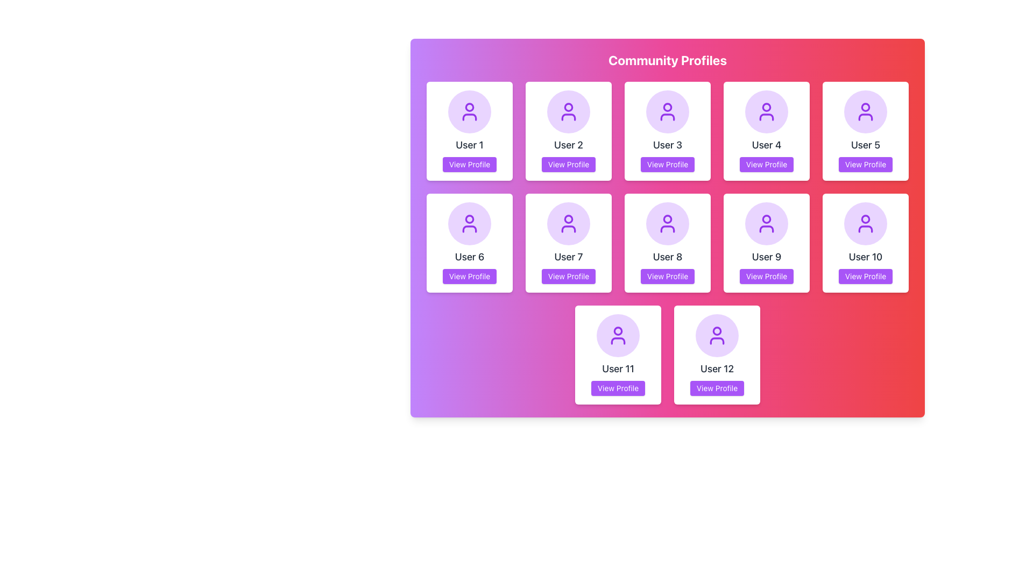 Image resolution: width=1033 pixels, height=581 pixels. I want to click on the decorative circular icon located at the center of User 4's avatar in the profile card grid, so click(766, 107).